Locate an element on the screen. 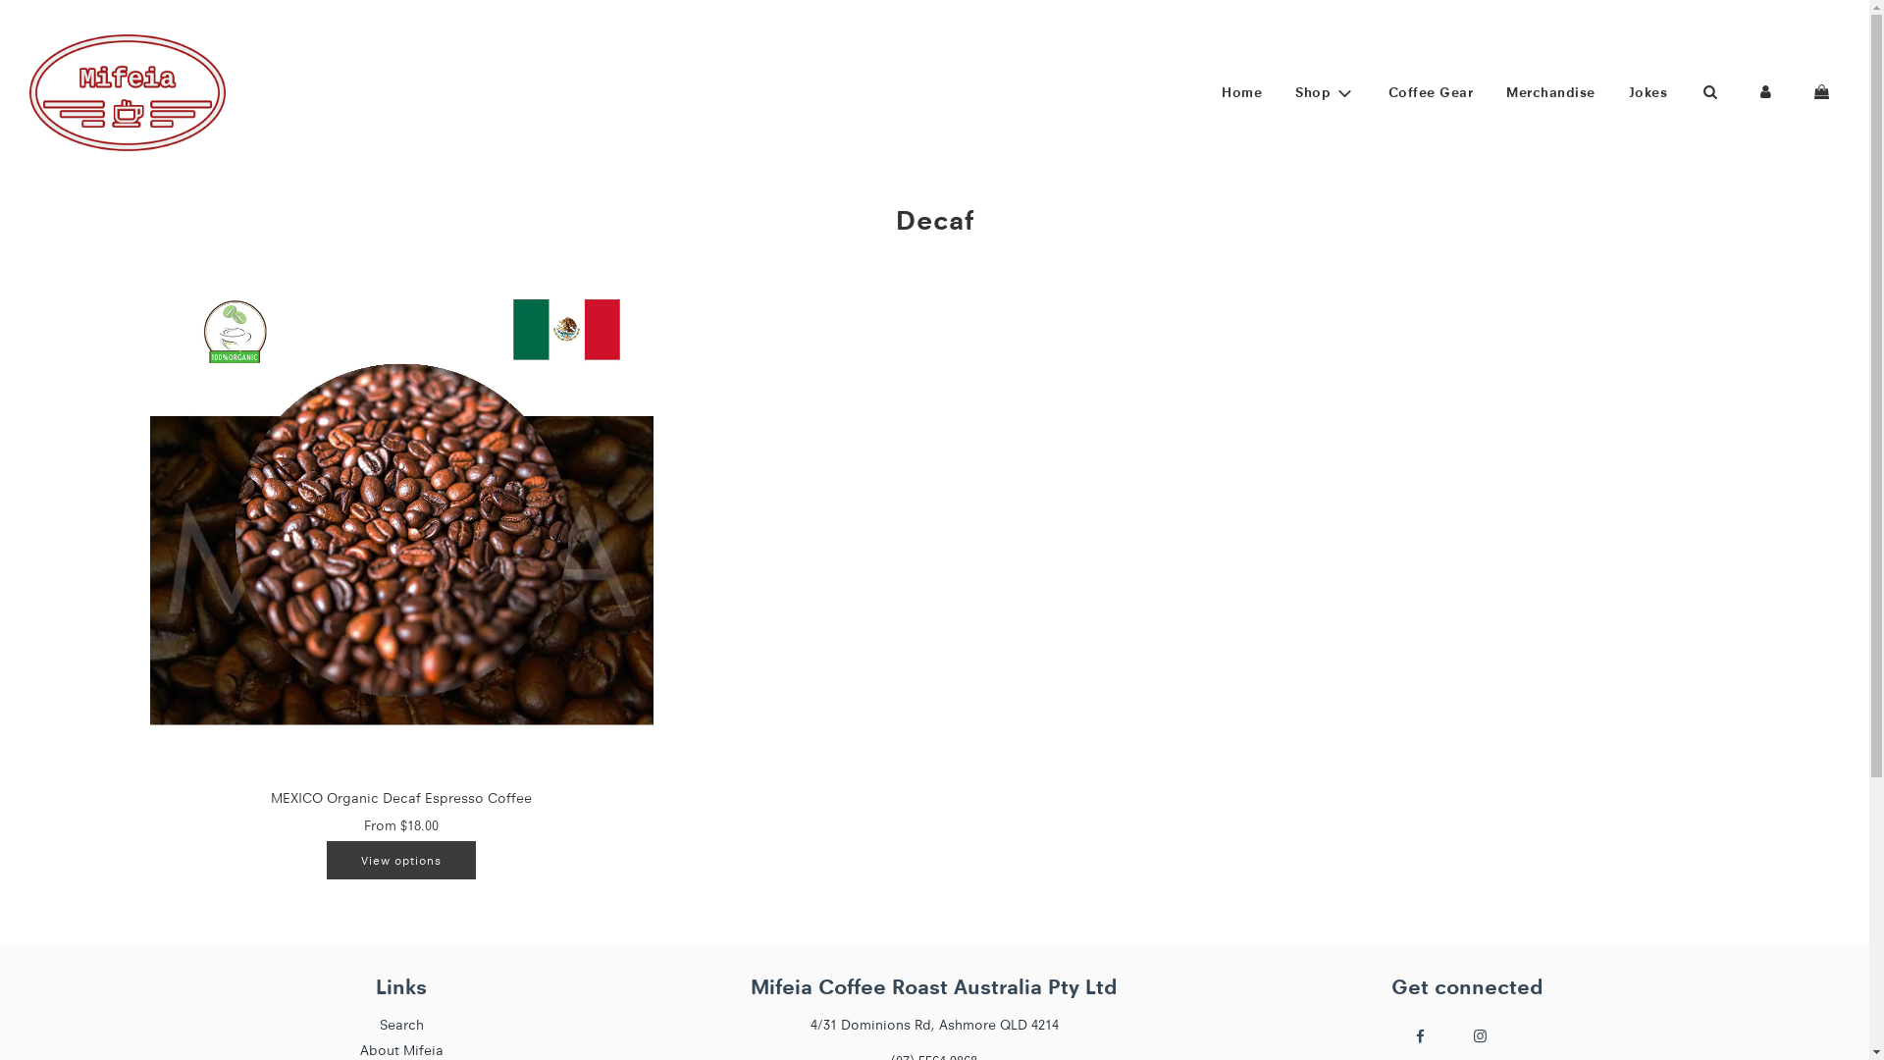  'Log in' is located at coordinates (1738, 91).